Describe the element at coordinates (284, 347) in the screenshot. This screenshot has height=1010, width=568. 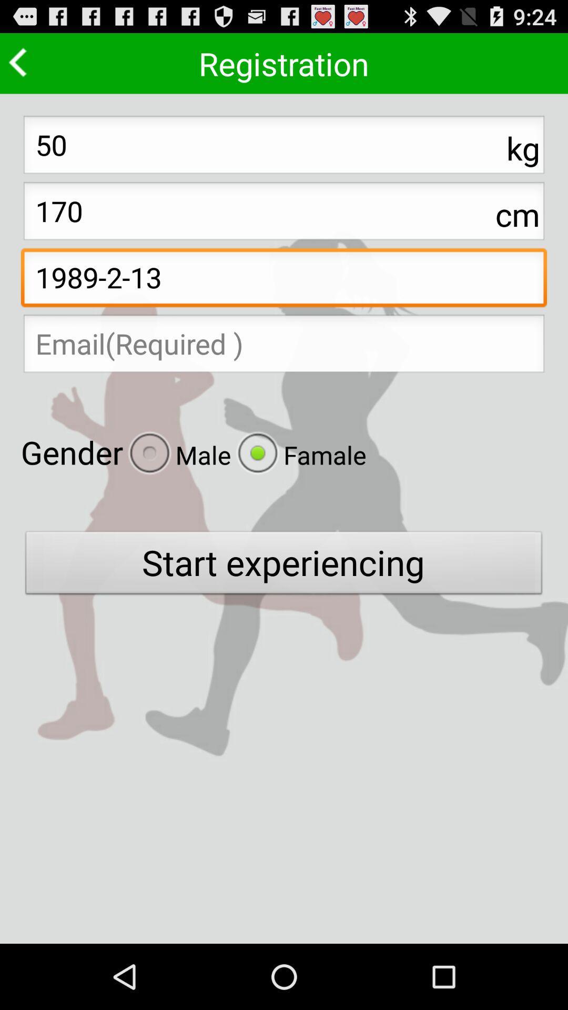
I see `text` at that location.